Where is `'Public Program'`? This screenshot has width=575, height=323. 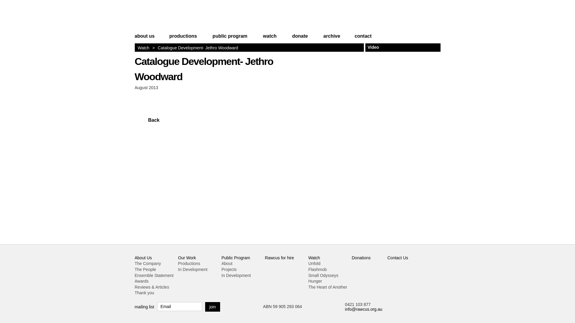
'Public Program' is located at coordinates (235, 257).